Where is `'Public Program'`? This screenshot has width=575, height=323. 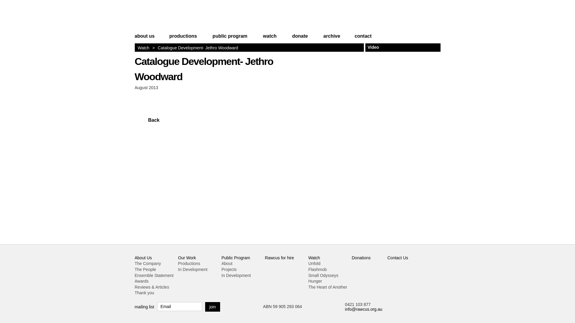
'Public Program' is located at coordinates (235, 257).